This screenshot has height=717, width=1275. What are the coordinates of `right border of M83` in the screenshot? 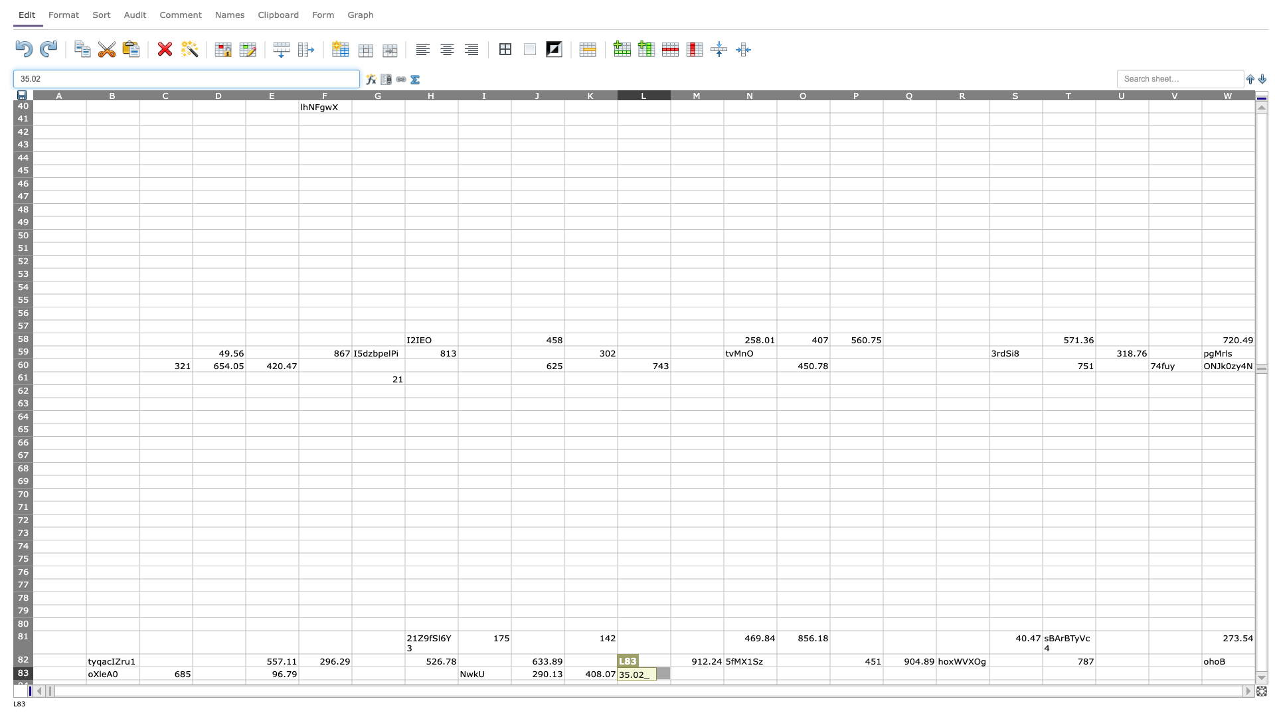 It's located at (722, 673).